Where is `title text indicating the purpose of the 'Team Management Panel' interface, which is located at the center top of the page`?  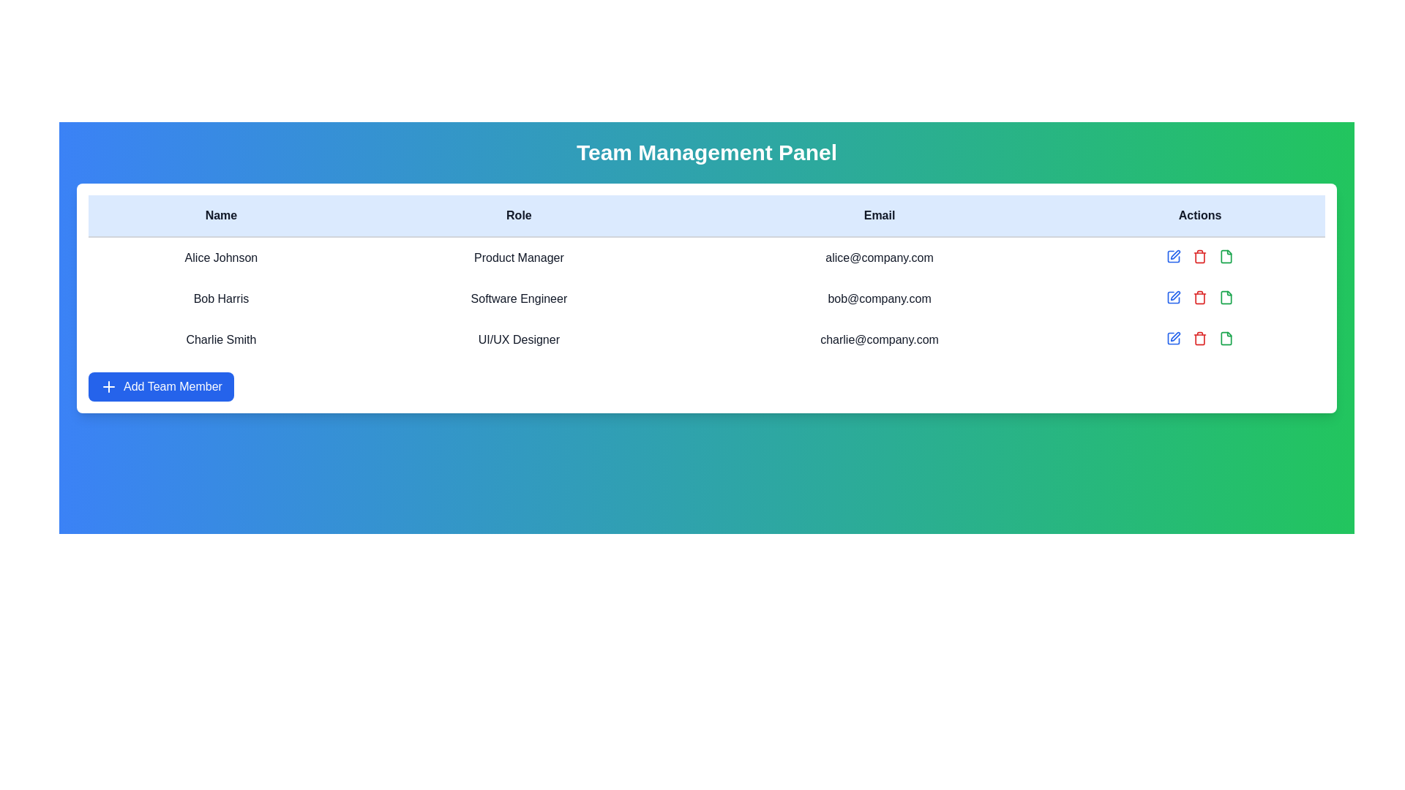 title text indicating the purpose of the 'Team Management Panel' interface, which is located at the center top of the page is located at coordinates (706, 152).